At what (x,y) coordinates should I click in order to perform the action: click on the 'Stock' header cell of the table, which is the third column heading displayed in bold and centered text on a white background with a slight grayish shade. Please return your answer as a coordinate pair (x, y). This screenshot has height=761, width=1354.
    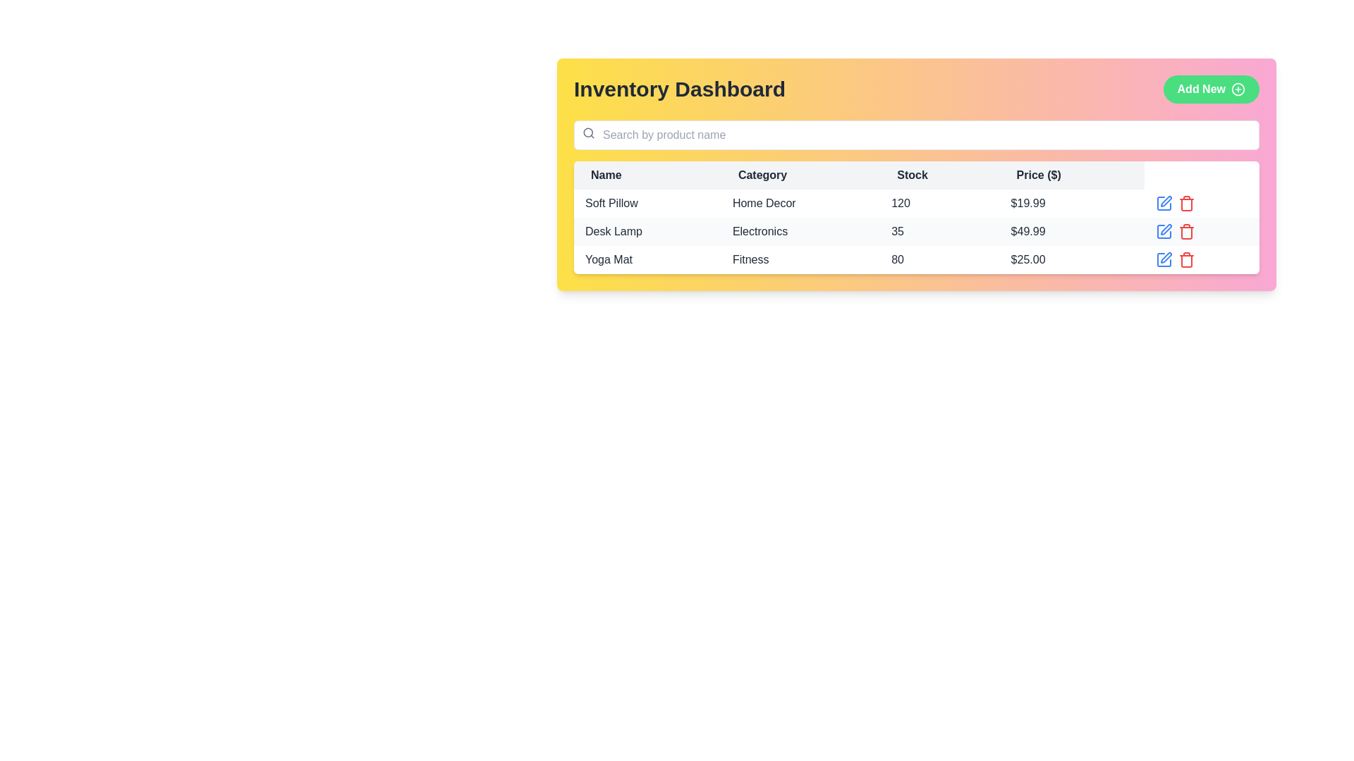
    Looking at the image, I should click on (917, 175).